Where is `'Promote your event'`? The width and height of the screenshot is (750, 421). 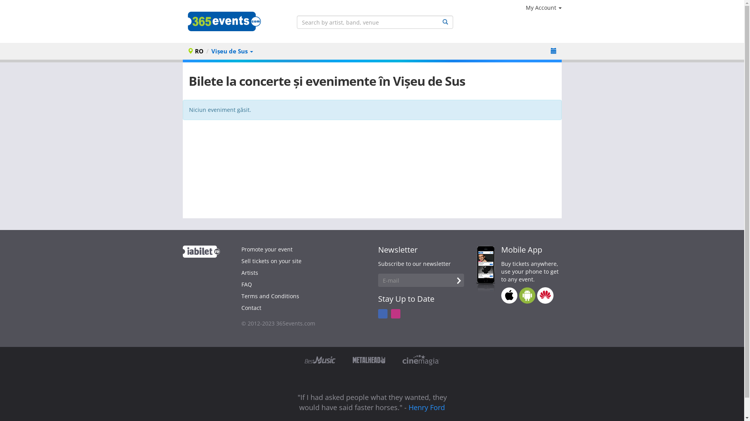
'Promote your event' is located at coordinates (267, 249).